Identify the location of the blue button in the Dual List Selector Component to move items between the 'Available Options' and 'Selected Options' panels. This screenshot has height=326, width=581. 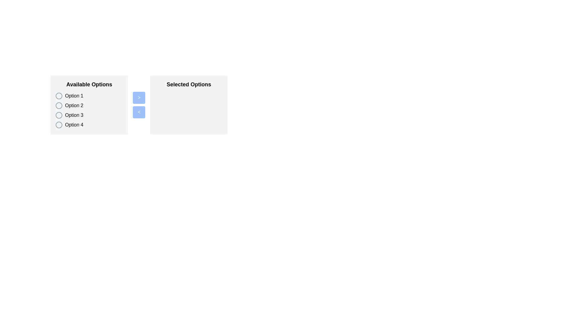
(149, 104).